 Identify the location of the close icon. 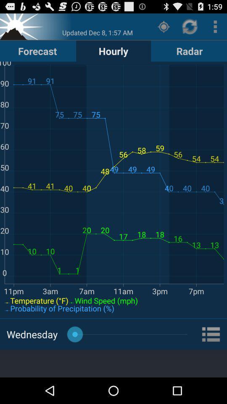
(22, 28).